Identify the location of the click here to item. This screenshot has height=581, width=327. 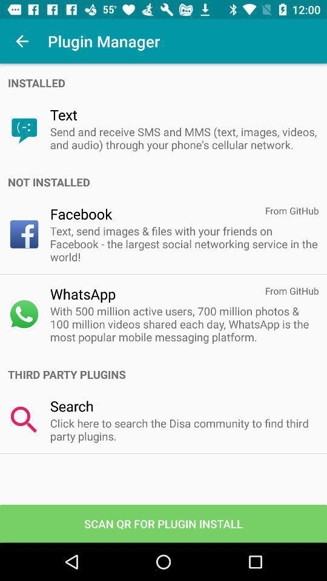
(183, 430).